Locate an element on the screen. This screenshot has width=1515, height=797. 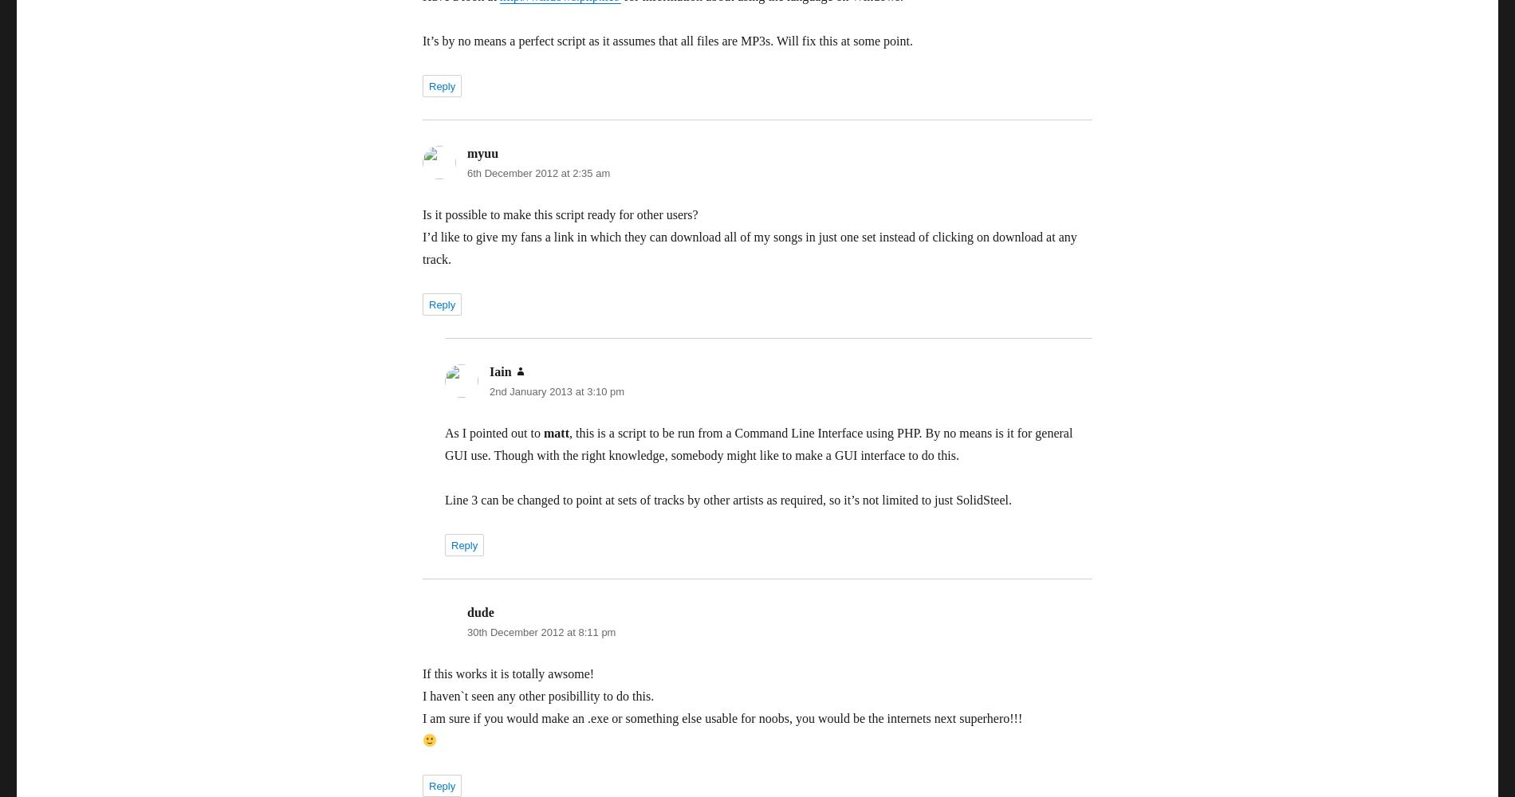
'I haven`t seen any other posibillity to do this.' is located at coordinates (538, 695).